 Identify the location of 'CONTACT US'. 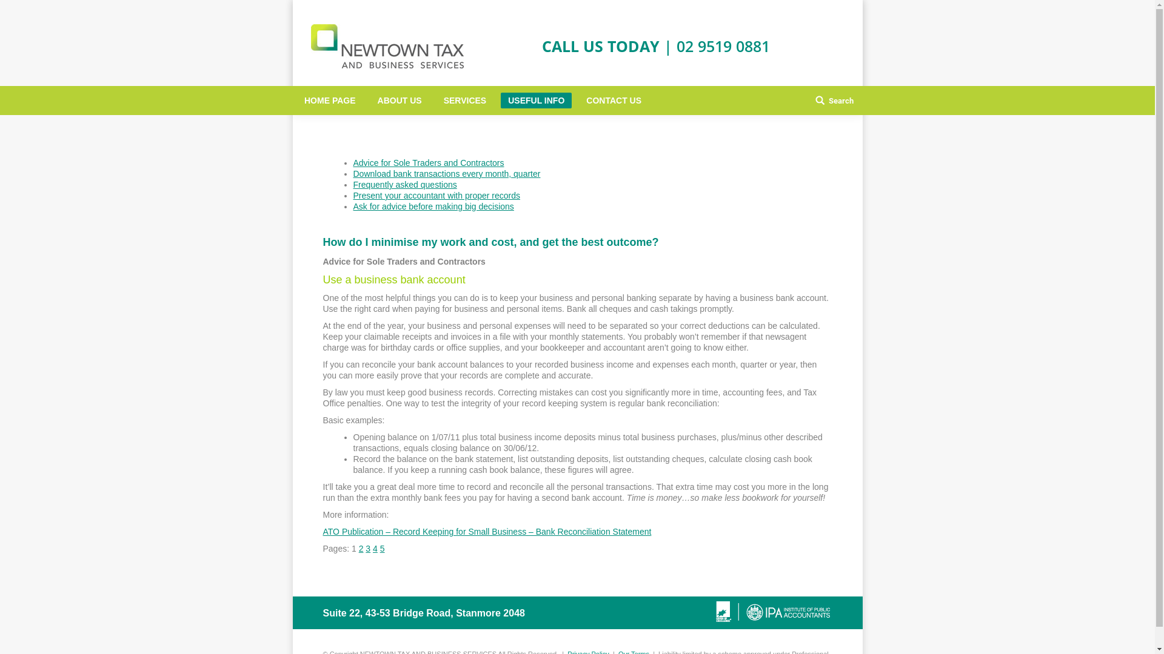
(614, 99).